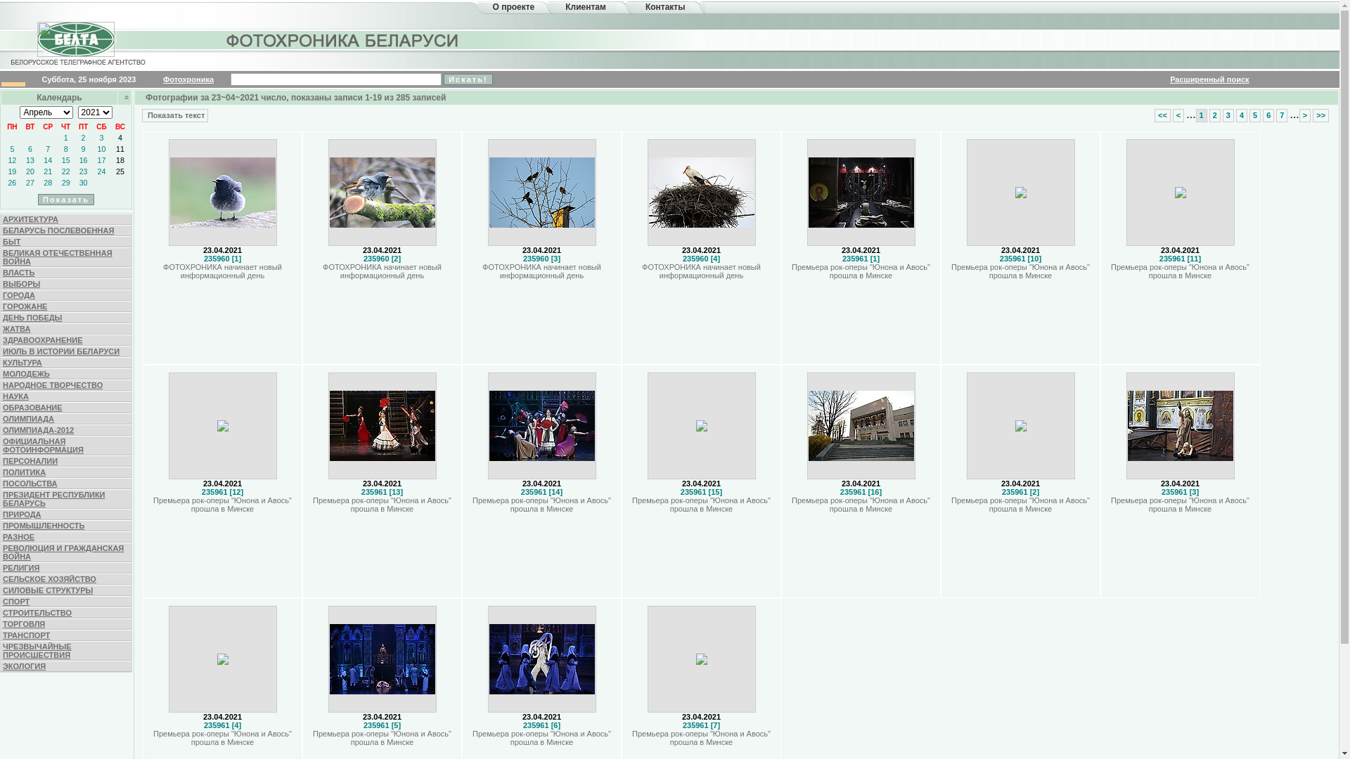 Image resolution: width=1350 pixels, height=759 pixels. What do you see at coordinates (44, 181) in the screenshot?
I see `'28'` at bounding box center [44, 181].